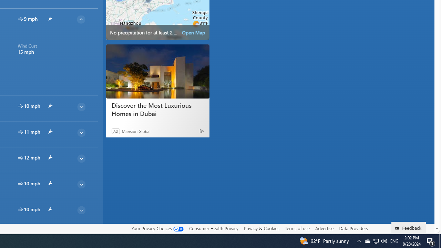  What do you see at coordinates (261, 228) in the screenshot?
I see `'Privacy & Cookies'` at bounding box center [261, 228].